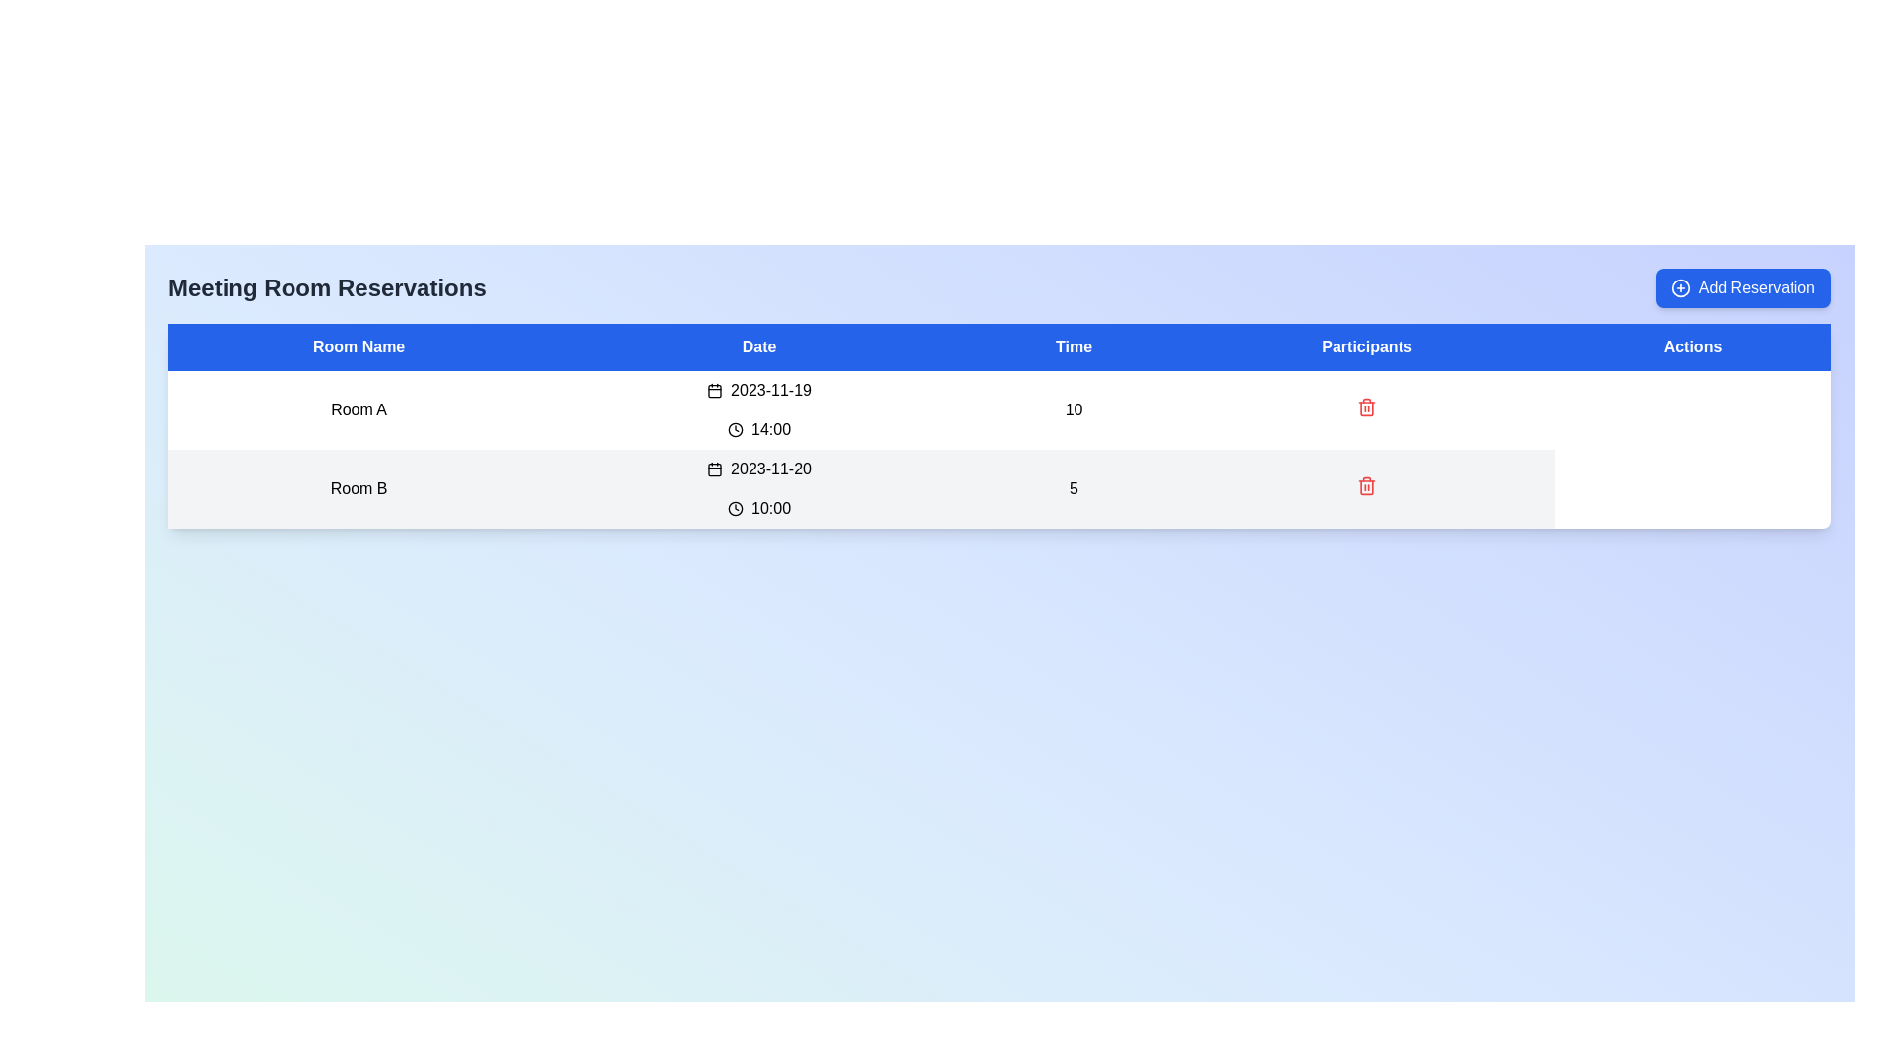  Describe the element at coordinates (758, 507) in the screenshot. I see `the time displayed as '10:00' on the text display with a clock icon located in the 'Time' column of the second row in the room reservations table` at that location.